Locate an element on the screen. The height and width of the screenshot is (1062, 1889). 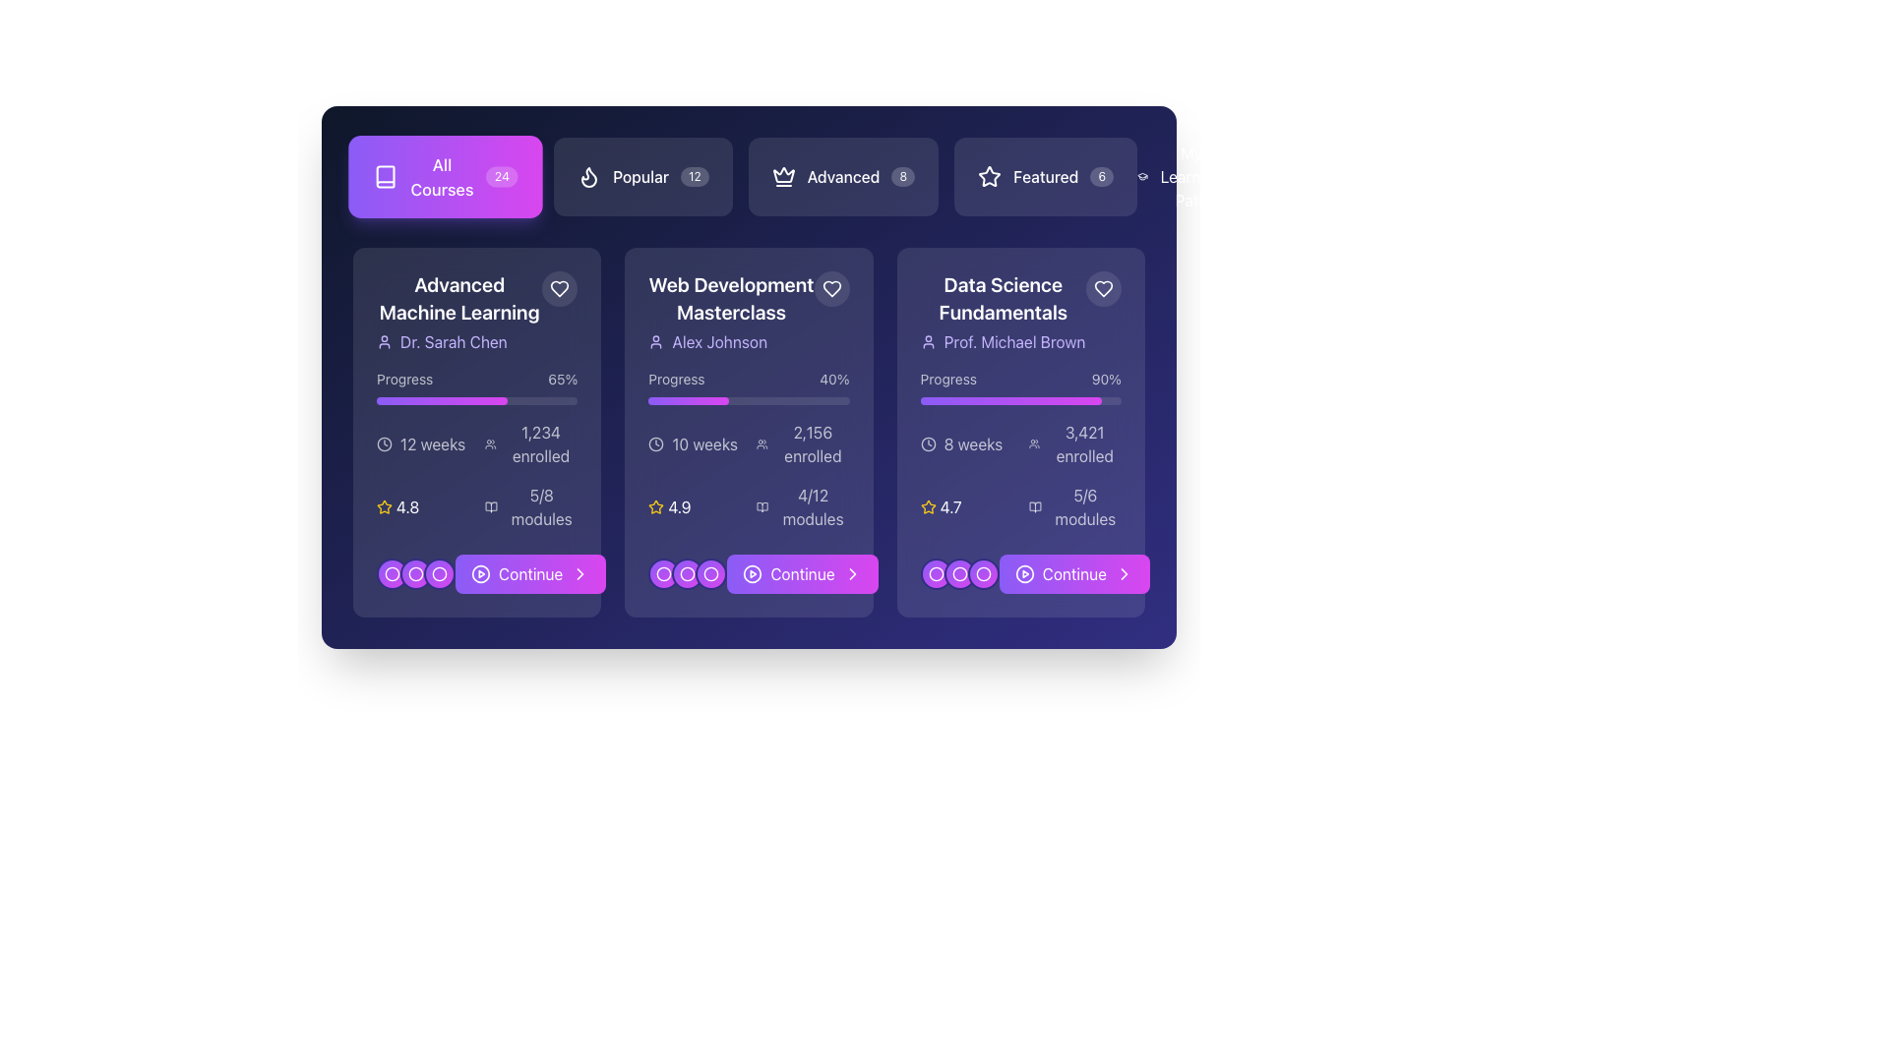
the 'Continue' text label within the button at the lower-right corner of the 'Data Science Fundamentals' course card is located at coordinates (1072, 573).